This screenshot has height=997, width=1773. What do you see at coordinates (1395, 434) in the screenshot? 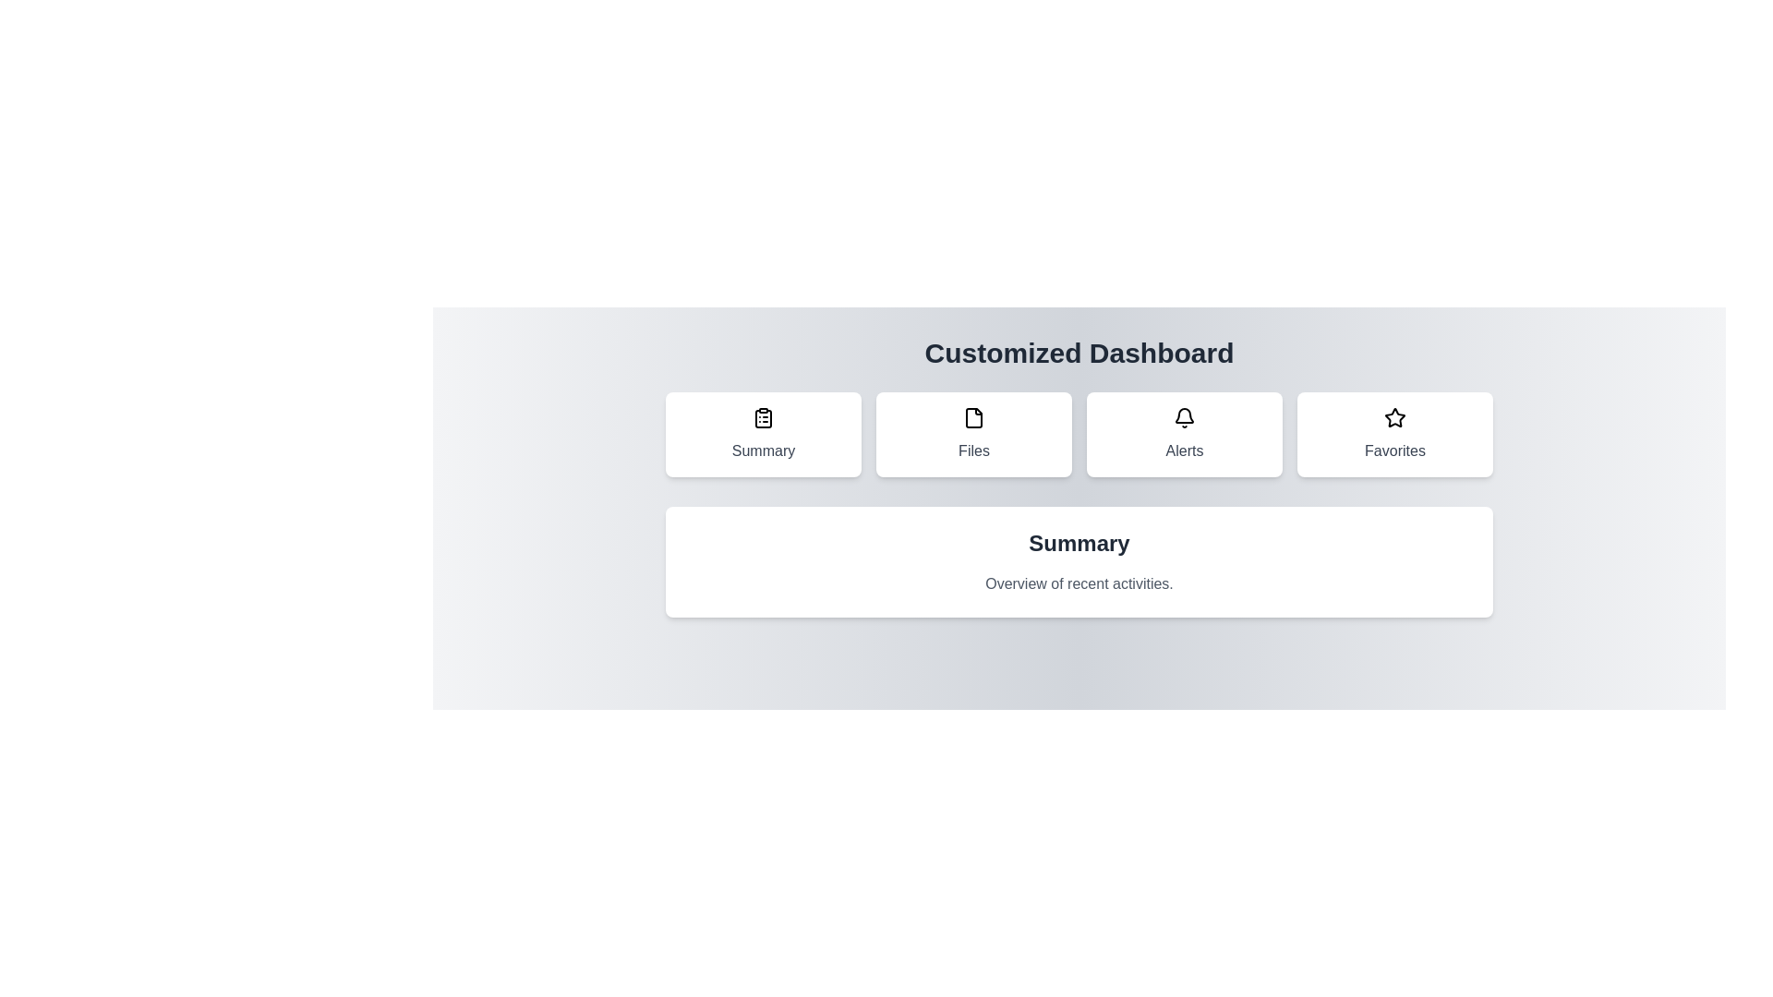
I see `the 'Favorites' button, which is the fourth button in a grid layout and positioned farthest to the right in the second row` at bounding box center [1395, 434].